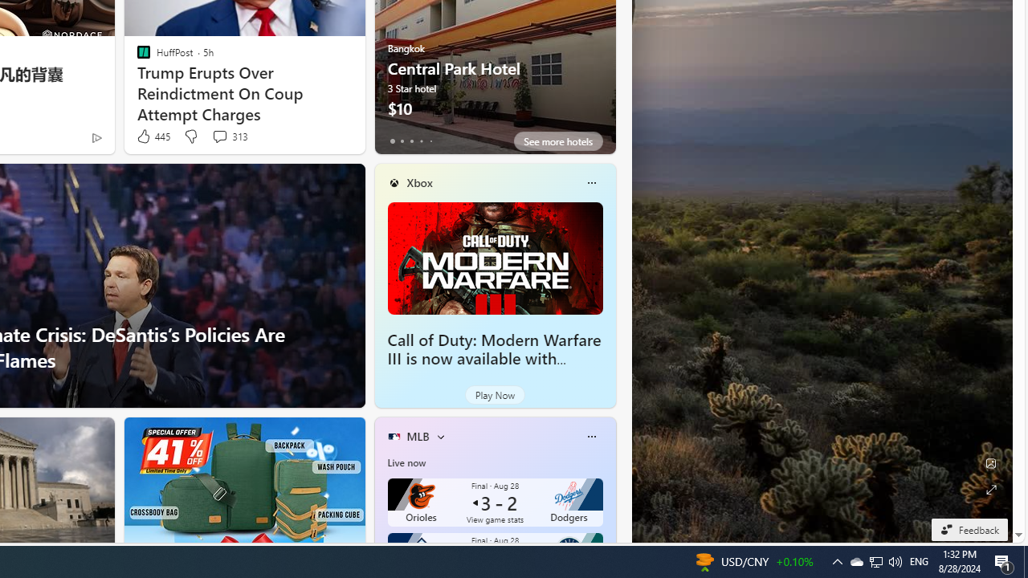  What do you see at coordinates (392, 140) in the screenshot?
I see `'tab-0'` at bounding box center [392, 140].